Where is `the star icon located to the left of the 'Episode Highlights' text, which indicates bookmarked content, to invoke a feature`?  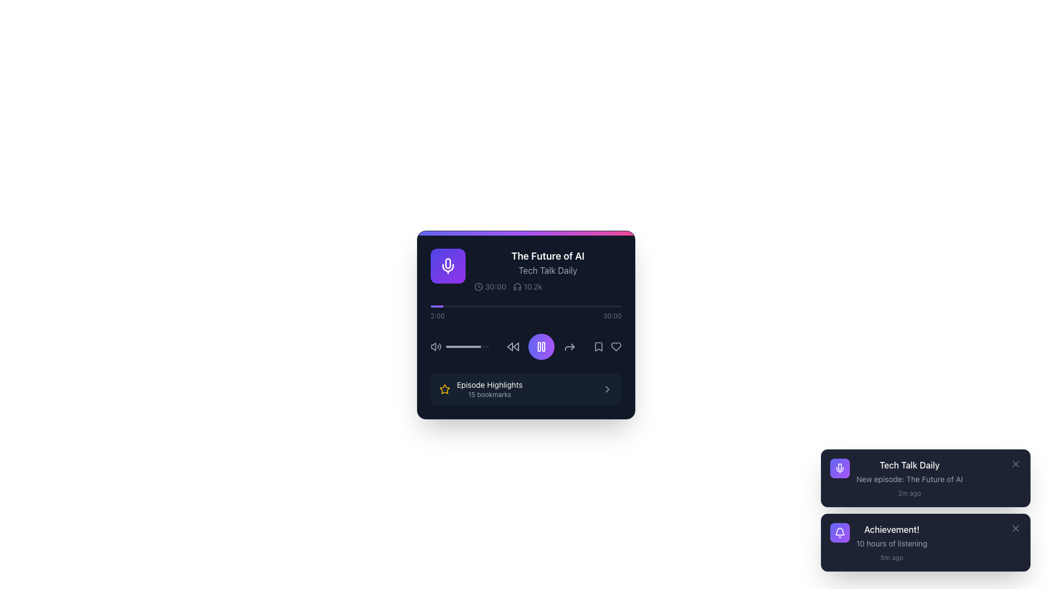
the star icon located to the left of the 'Episode Highlights' text, which indicates bookmarked content, to invoke a feature is located at coordinates (445, 388).